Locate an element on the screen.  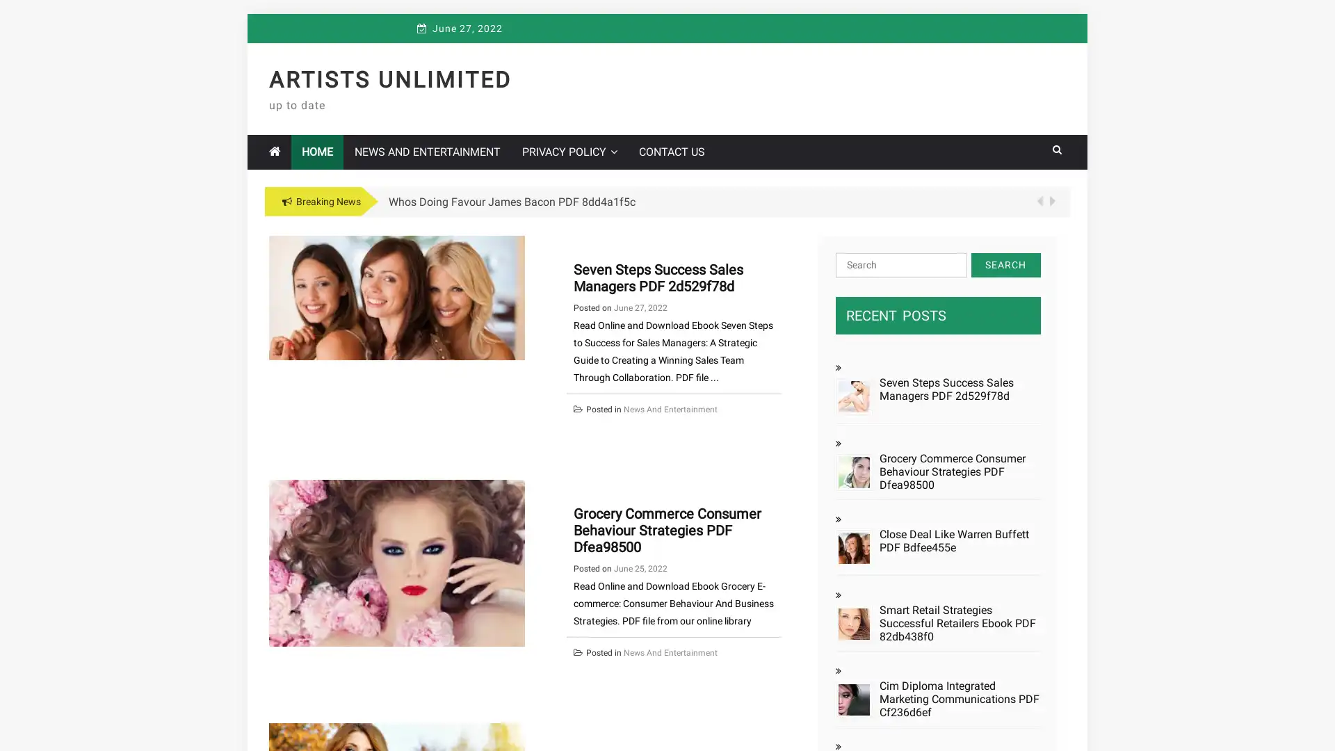
Search is located at coordinates (1005, 264).